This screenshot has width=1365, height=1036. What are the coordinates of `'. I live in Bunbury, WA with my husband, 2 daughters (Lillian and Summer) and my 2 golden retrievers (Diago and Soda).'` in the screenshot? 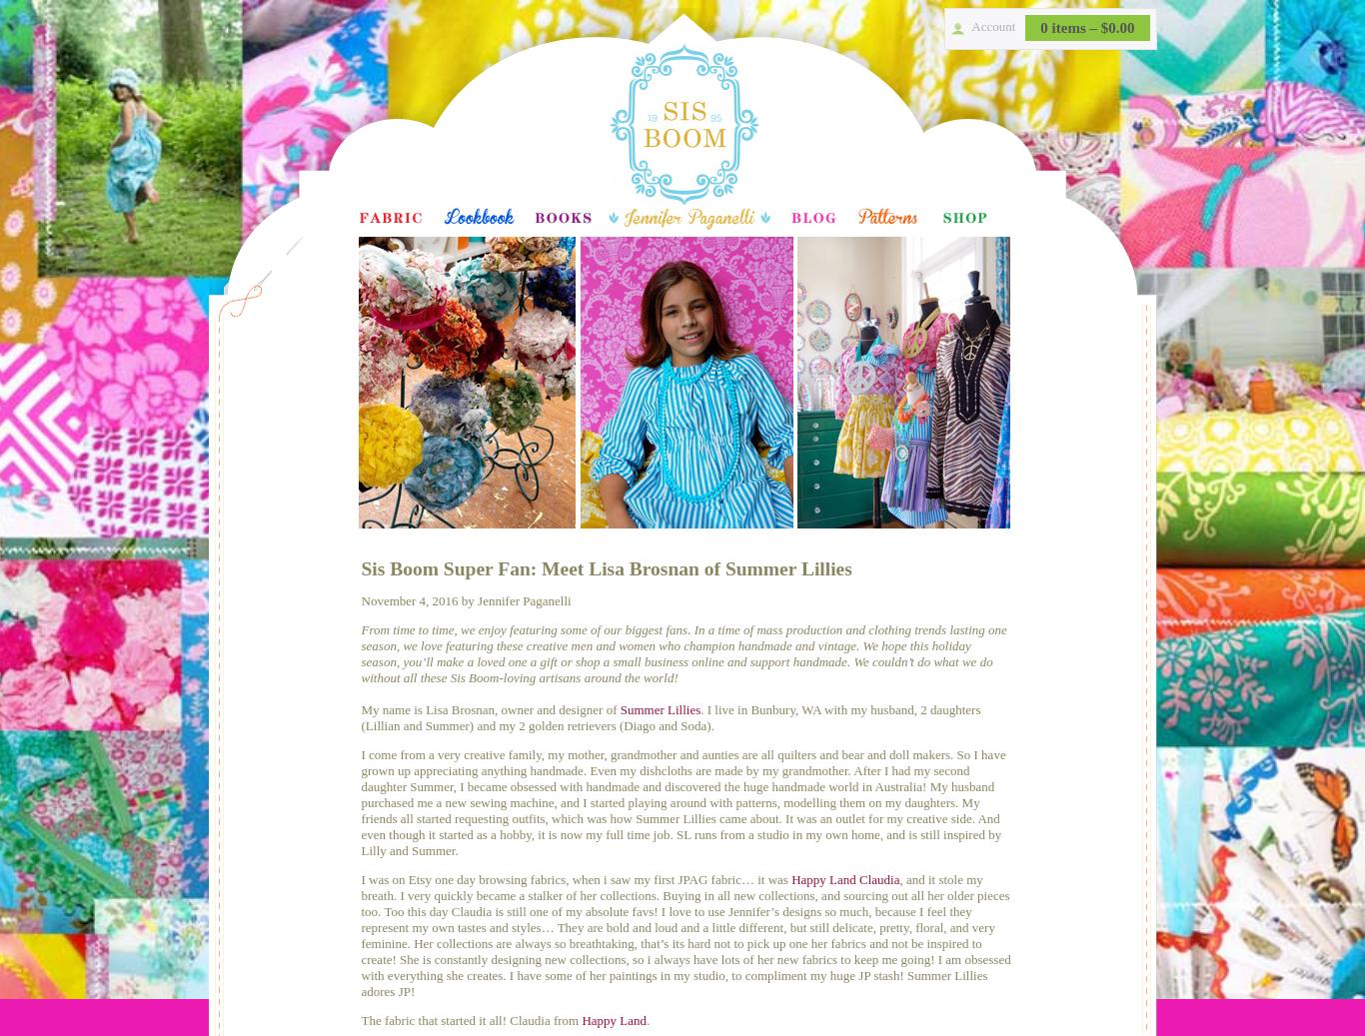 It's located at (360, 717).